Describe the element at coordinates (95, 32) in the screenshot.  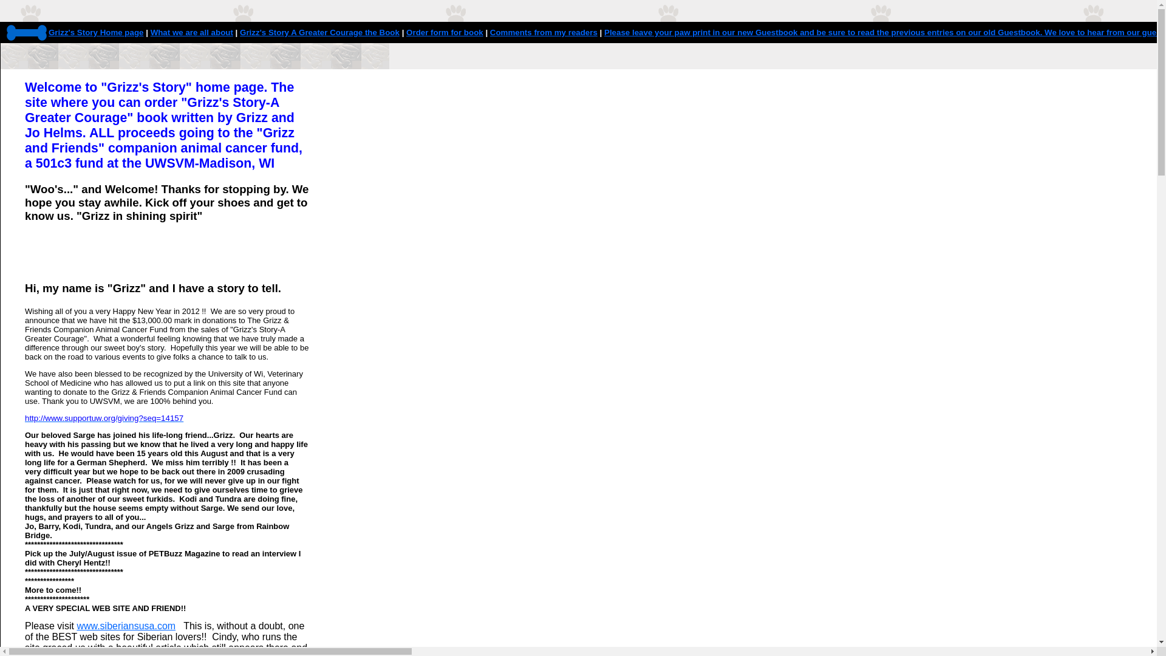
I see `'Grizz's Story Home page'` at that location.